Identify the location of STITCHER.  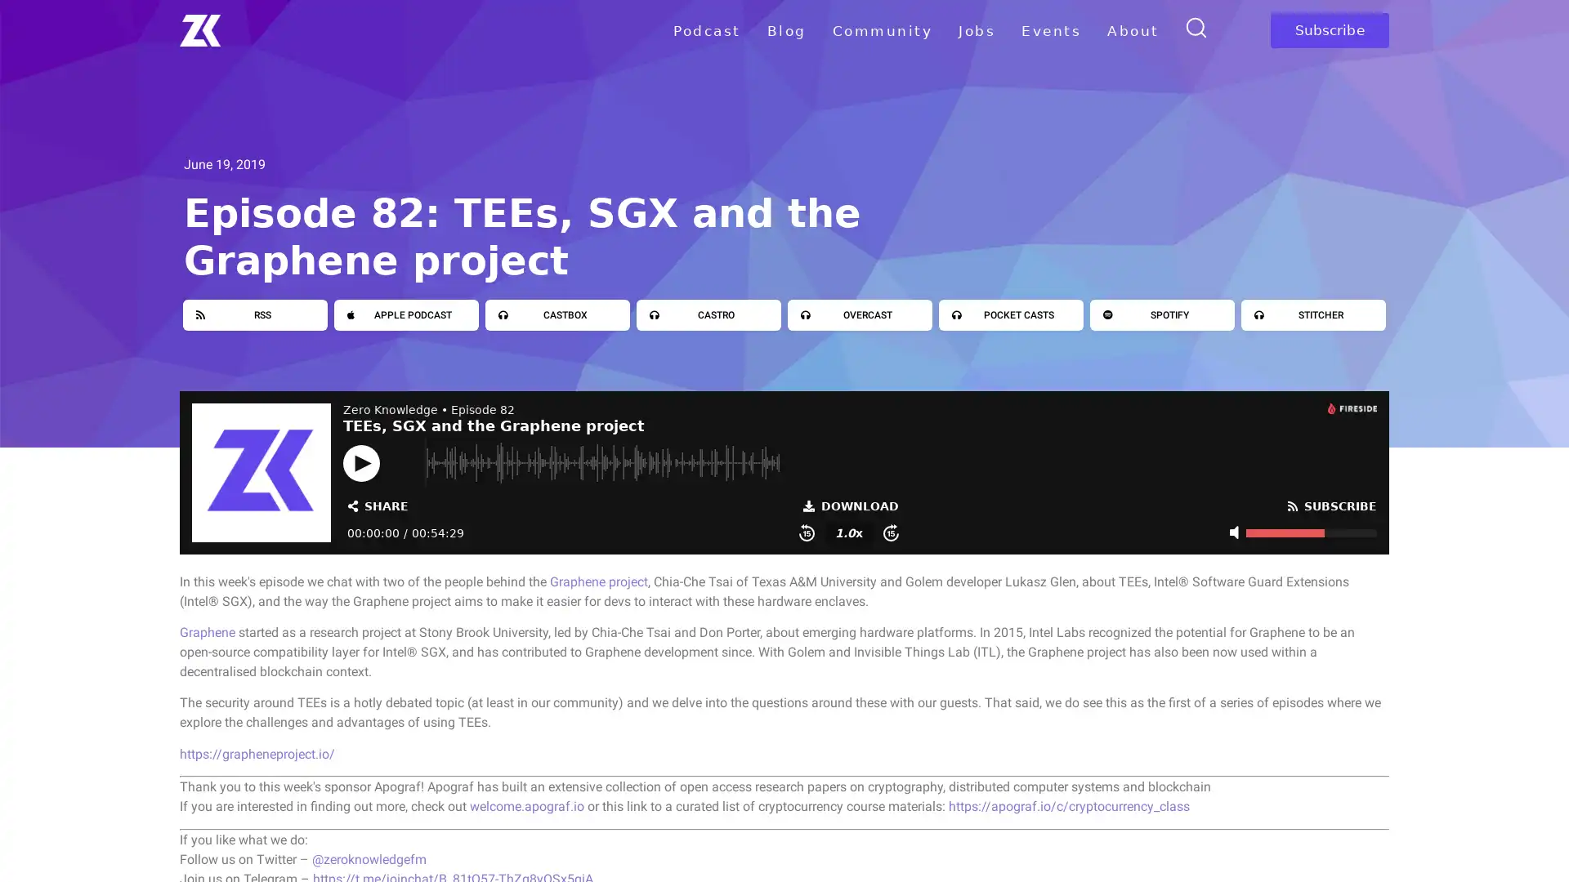
(1313, 314).